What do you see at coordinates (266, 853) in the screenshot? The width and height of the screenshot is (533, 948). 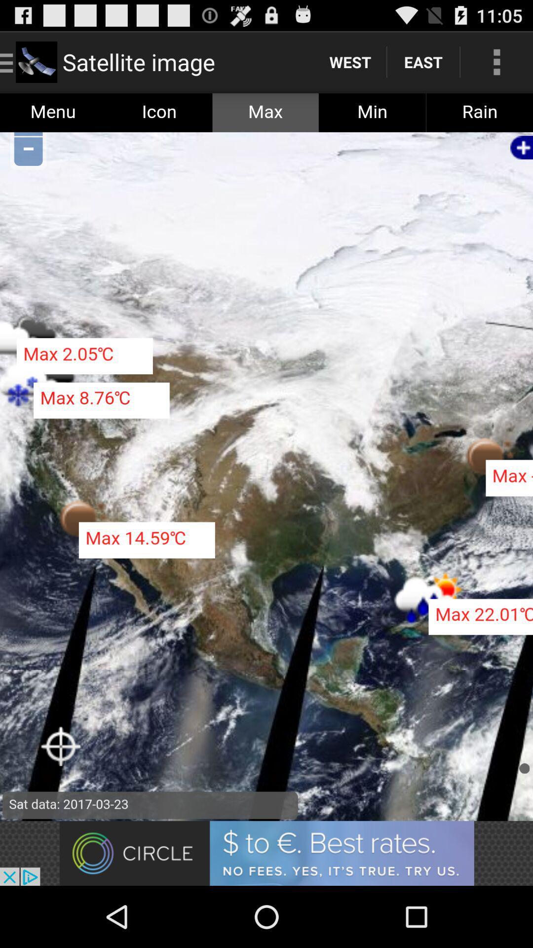 I see `open advertisement` at bounding box center [266, 853].